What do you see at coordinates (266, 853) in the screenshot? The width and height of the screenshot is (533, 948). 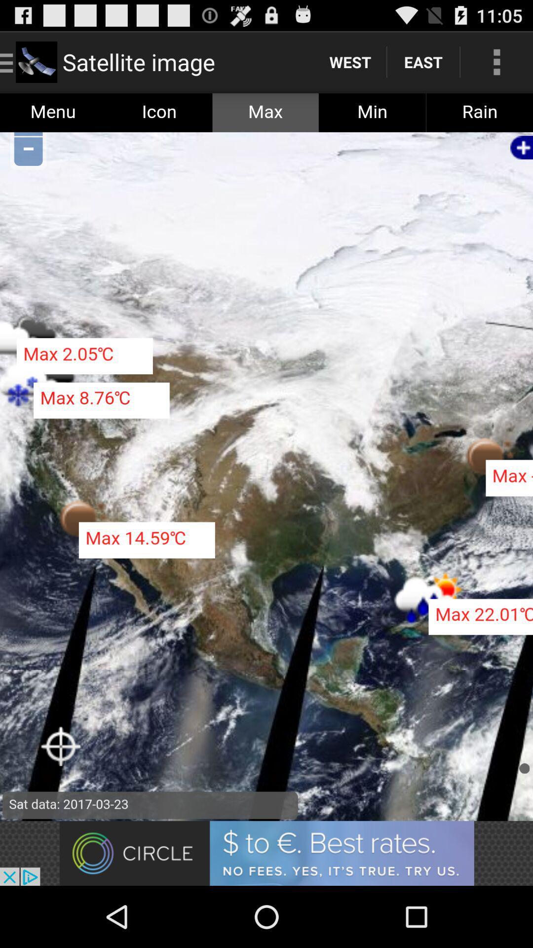 I see `open advertisement` at bounding box center [266, 853].